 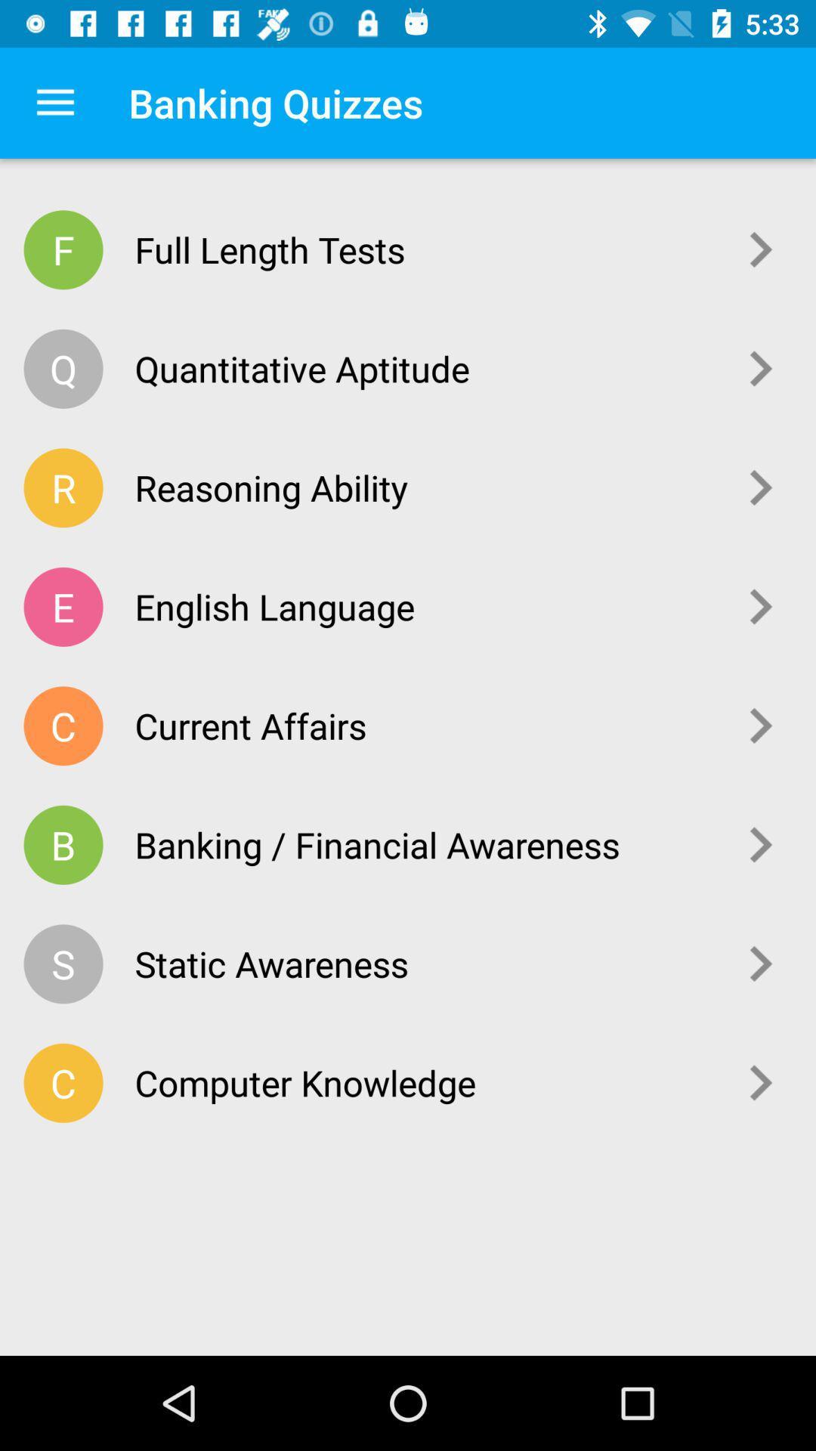 I want to click on the app to the left of the  banking quizzes  app, so click(x=54, y=102).